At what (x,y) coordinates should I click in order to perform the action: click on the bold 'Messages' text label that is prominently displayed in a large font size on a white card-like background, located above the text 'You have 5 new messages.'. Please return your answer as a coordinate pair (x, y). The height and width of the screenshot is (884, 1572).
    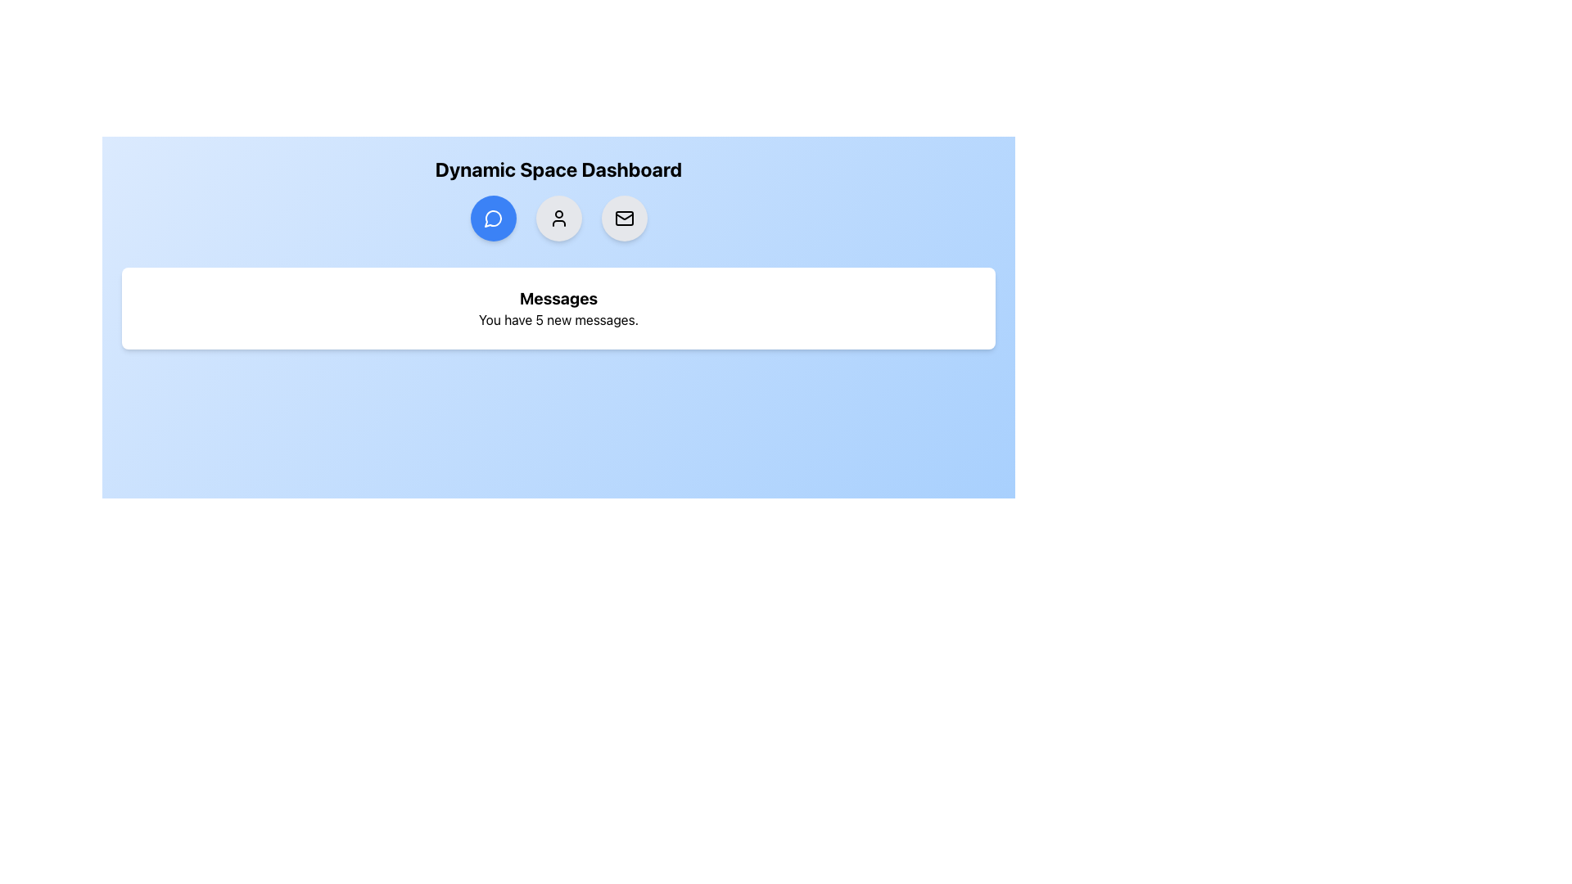
    Looking at the image, I should click on (558, 299).